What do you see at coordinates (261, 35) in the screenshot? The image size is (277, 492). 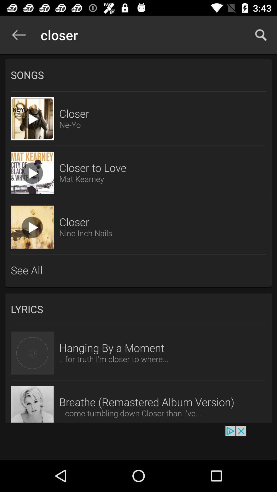 I see `the item next to closer icon` at bounding box center [261, 35].